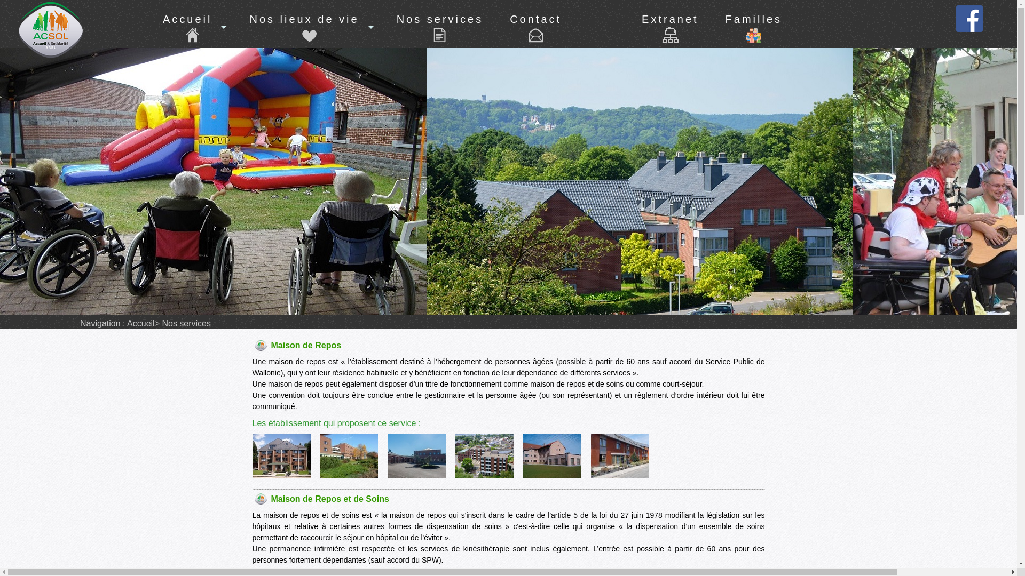  I want to click on 'Familles', so click(753, 24).